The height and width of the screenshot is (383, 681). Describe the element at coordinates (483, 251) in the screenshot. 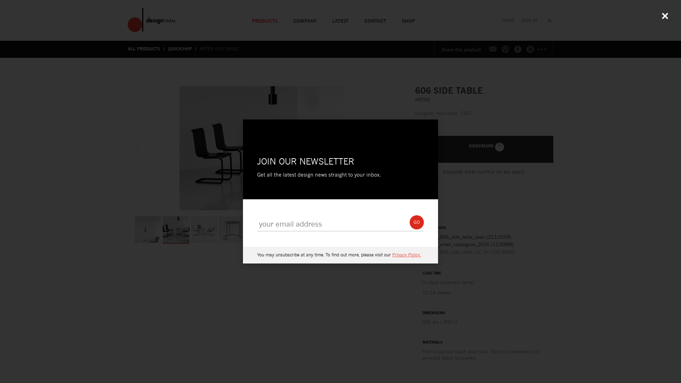

I see `'atk_606_side_table_2d_3d (246.96KB)'` at that location.